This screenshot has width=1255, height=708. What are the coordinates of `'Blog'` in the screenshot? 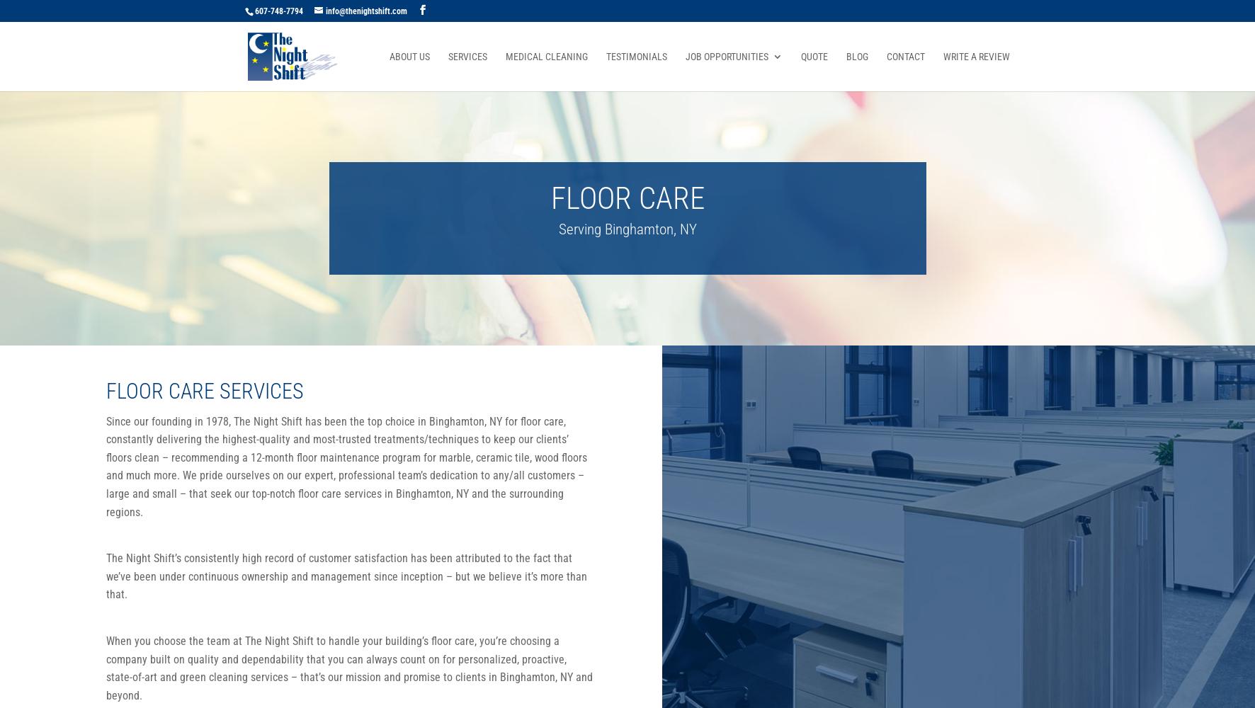 It's located at (856, 56).